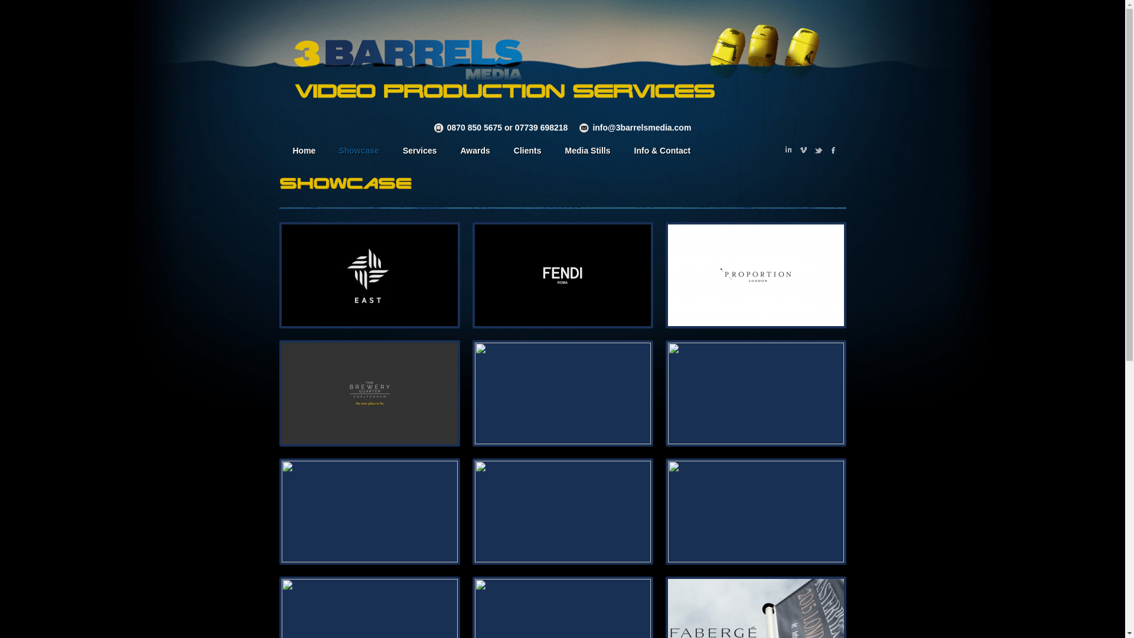 This screenshot has width=1134, height=638. I want to click on 'Fendi At Harrods ', so click(475, 275).